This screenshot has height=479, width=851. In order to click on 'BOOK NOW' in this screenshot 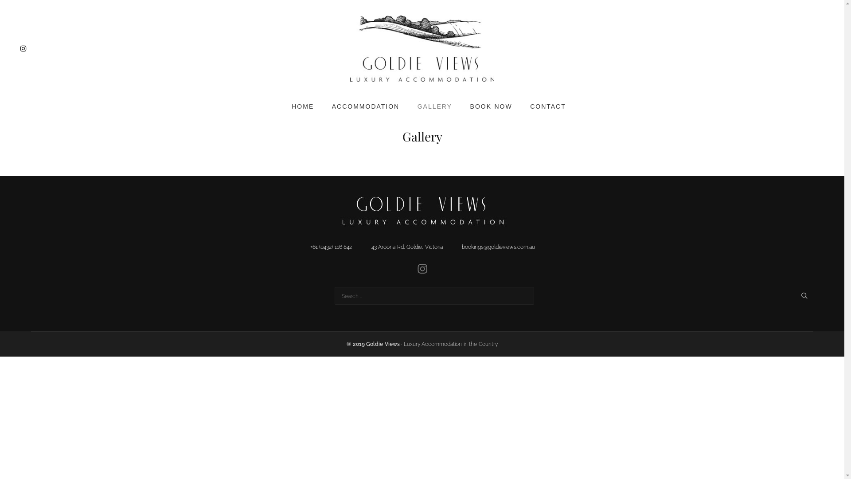, I will do `click(491, 106)`.